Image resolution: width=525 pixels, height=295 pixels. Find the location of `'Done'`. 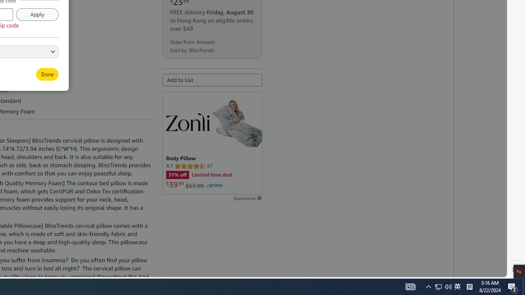

'Done' is located at coordinates (47, 74).